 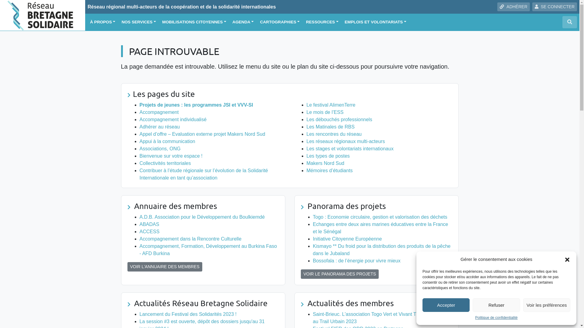 I want to click on 'Associations, ONG', so click(x=139, y=149).